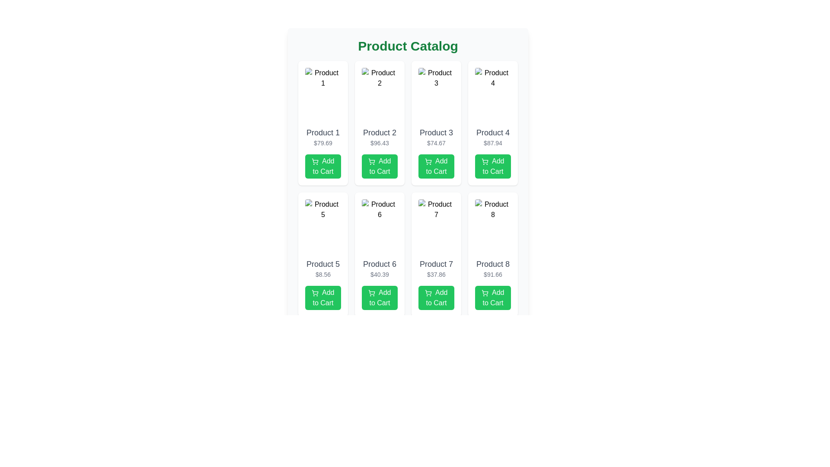  I want to click on the image area labeled 'Product 1' located at the top of the first card in the product grid by moving the cursor to its center, so click(322, 95).